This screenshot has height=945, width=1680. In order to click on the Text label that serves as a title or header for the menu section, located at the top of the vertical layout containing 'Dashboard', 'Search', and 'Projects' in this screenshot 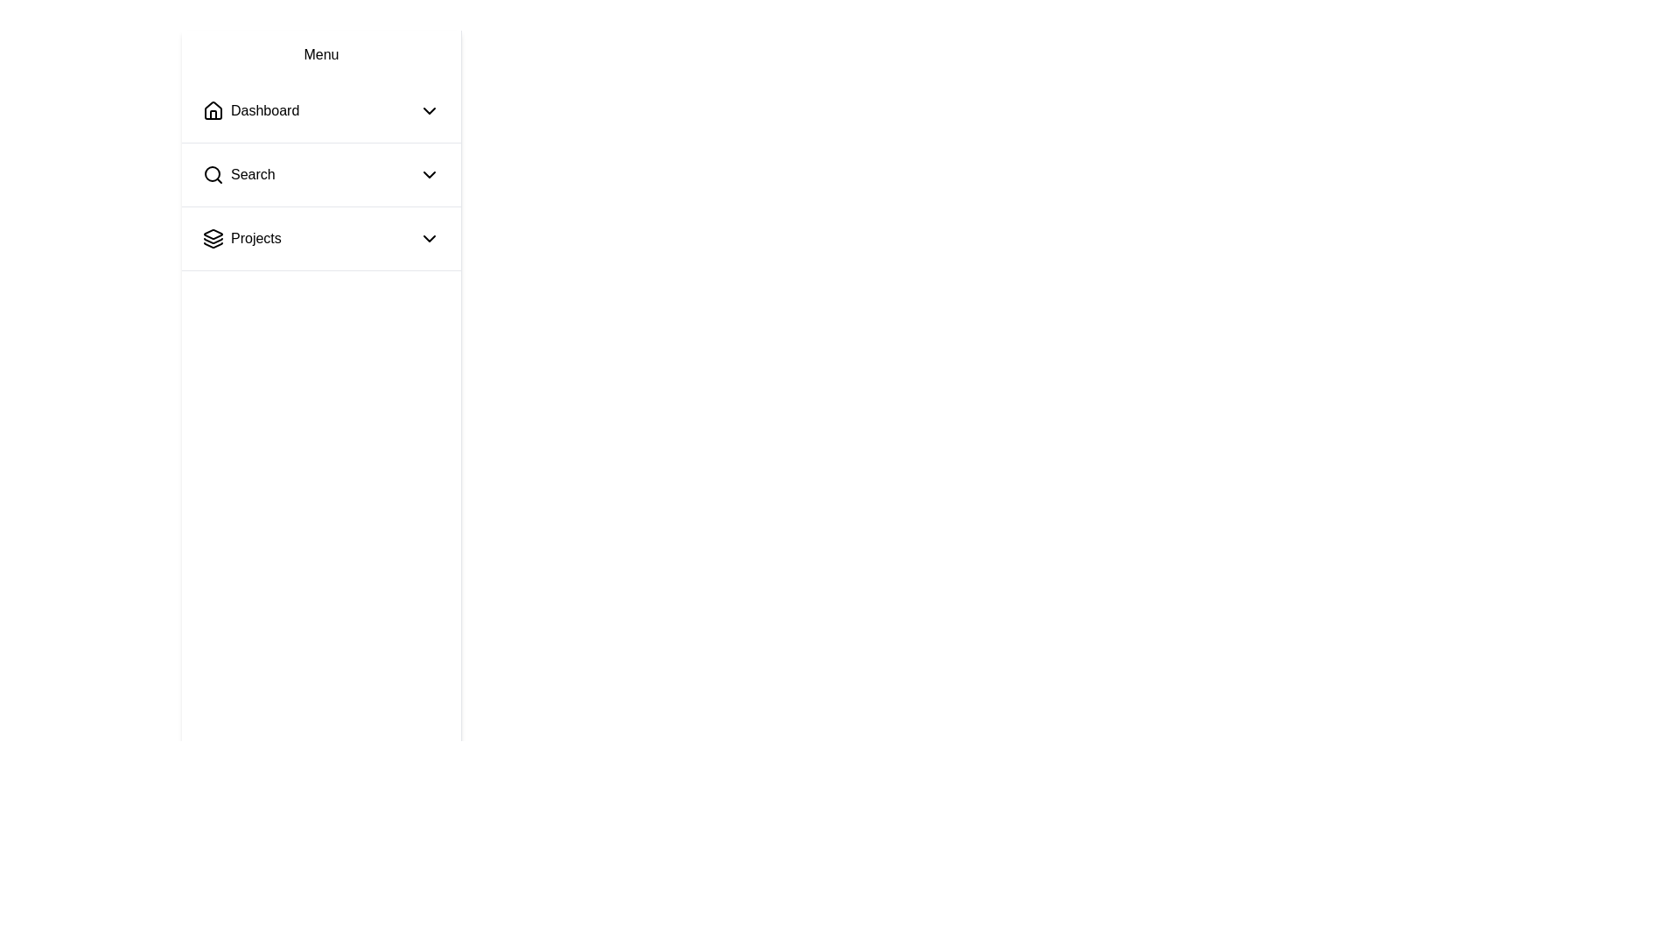, I will do `click(321, 53)`.